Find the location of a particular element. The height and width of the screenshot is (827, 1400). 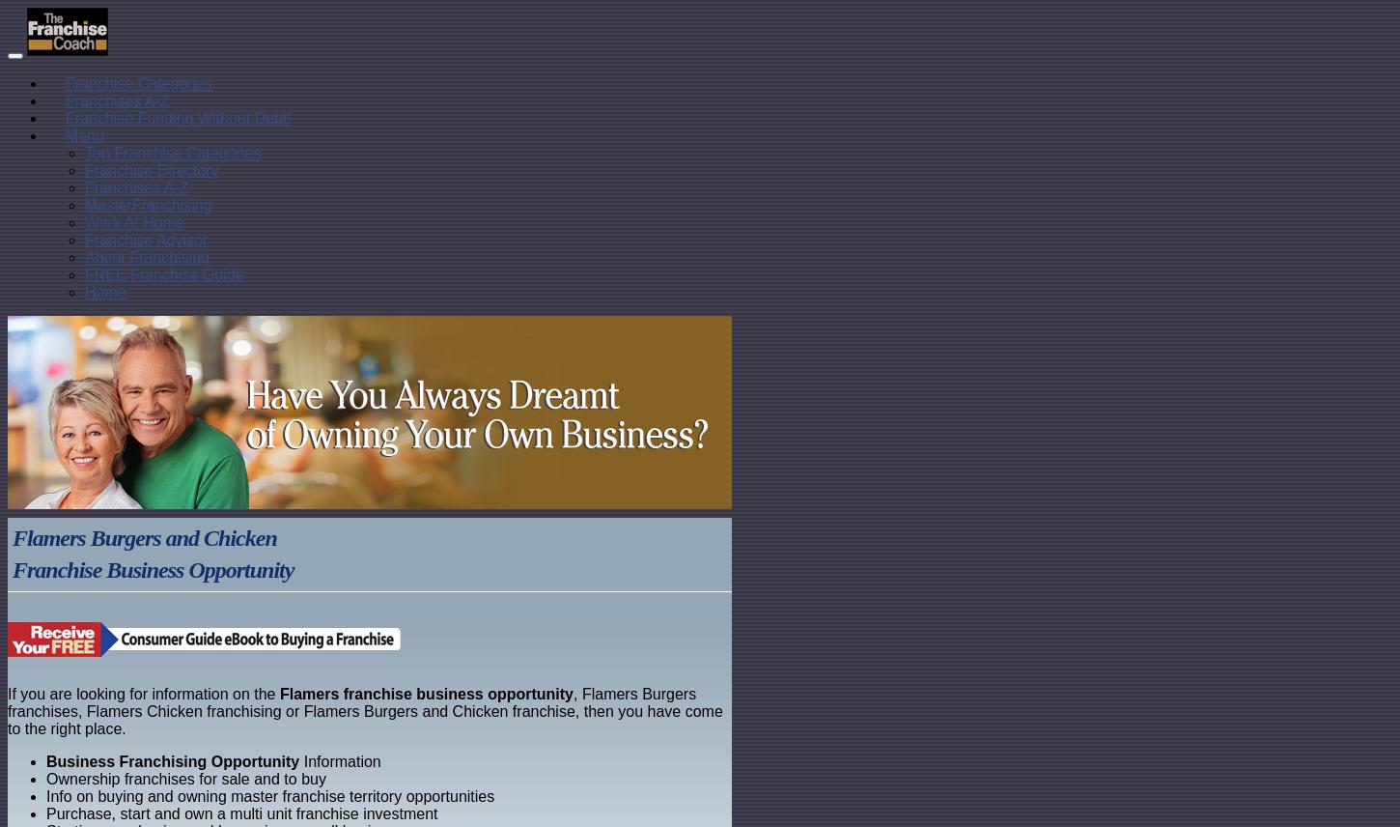

'Franchise Business Opportunity' is located at coordinates (152, 570).